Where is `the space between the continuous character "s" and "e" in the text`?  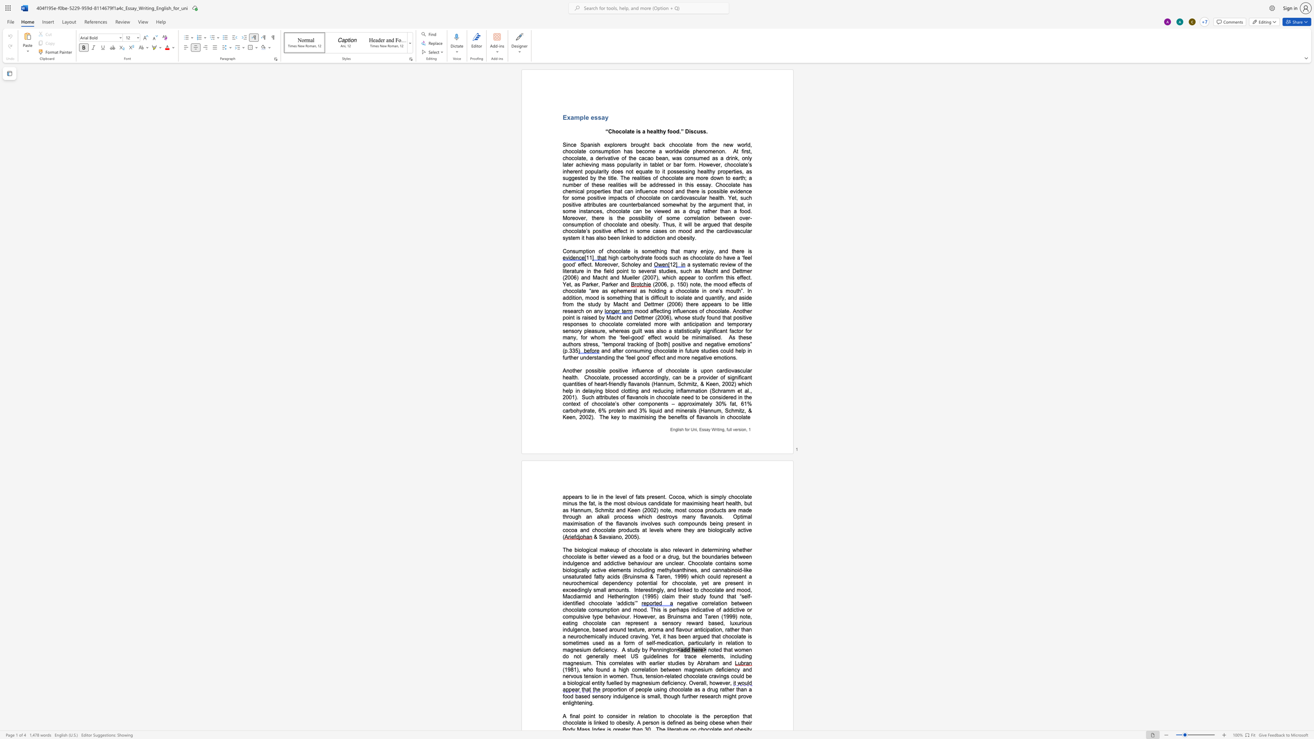
the space between the continuous character "s" and "e" in the text is located at coordinates (679, 171).